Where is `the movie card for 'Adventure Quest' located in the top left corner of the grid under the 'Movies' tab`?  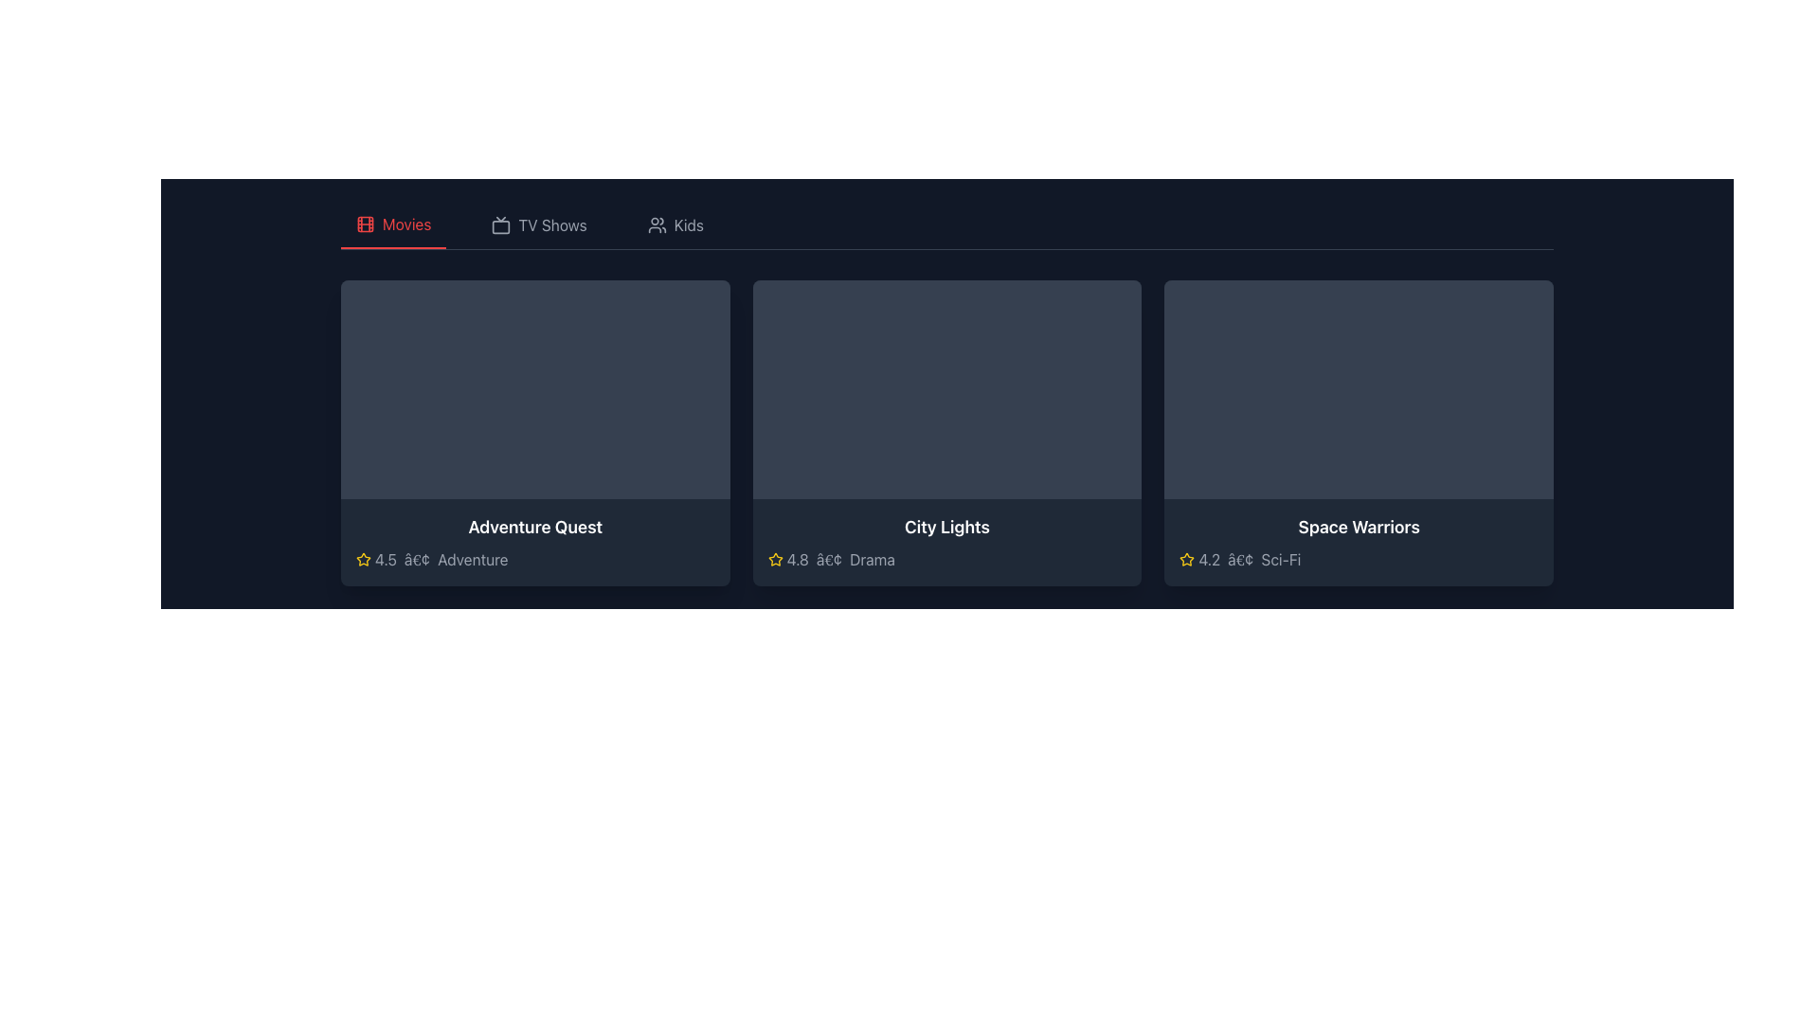
the movie card for 'Adventure Quest' located in the top left corner of the grid under the 'Movies' tab is located at coordinates (534, 433).